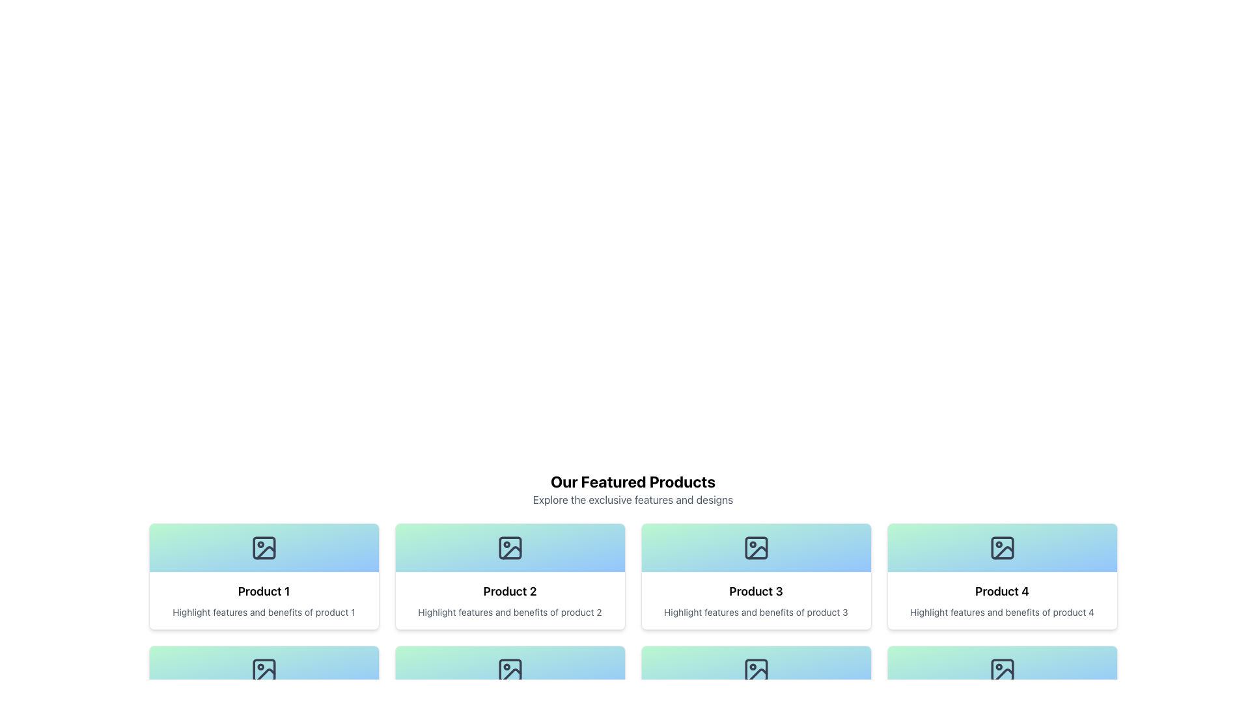  What do you see at coordinates (263, 600) in the screenshot?
I see `the text block displaying 'Product 1' which includes a bold title and a subtitle about product features, located in the bottom half of the first product card in the grid of featured products` at bounding box center [263, 600].